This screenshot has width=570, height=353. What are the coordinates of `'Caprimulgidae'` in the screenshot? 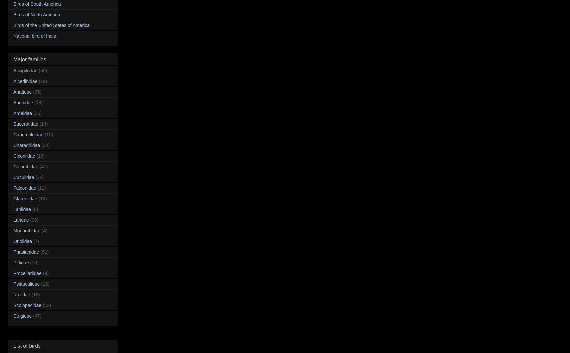 It's located at (13, 134).